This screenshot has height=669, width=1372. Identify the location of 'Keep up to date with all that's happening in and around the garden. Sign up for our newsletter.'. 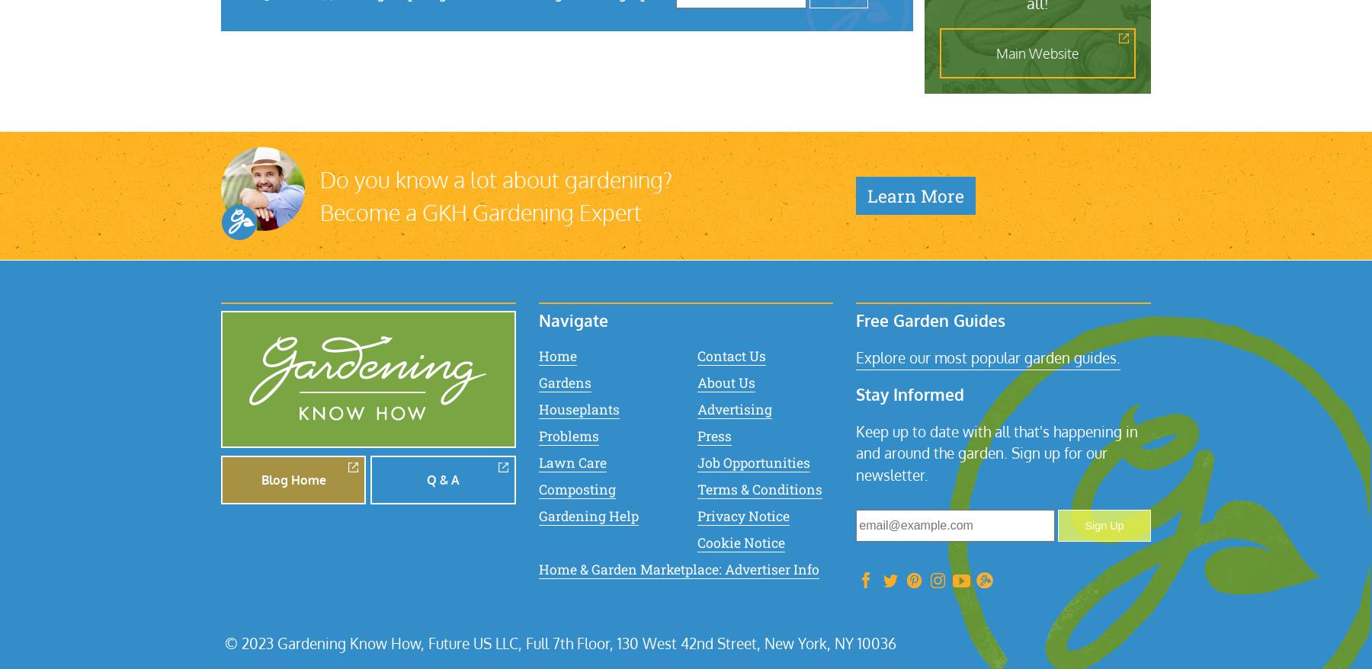
(997, 453).